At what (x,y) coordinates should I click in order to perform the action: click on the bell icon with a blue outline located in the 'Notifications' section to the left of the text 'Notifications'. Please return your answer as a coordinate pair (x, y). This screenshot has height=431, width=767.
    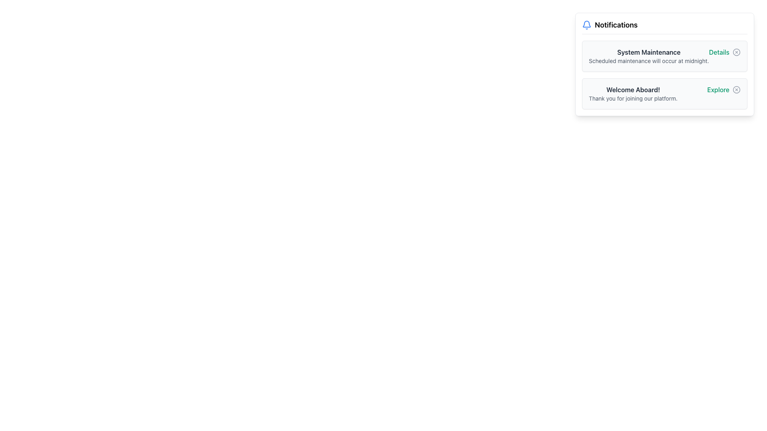
    Looking at the image, I should click on (586, 24).